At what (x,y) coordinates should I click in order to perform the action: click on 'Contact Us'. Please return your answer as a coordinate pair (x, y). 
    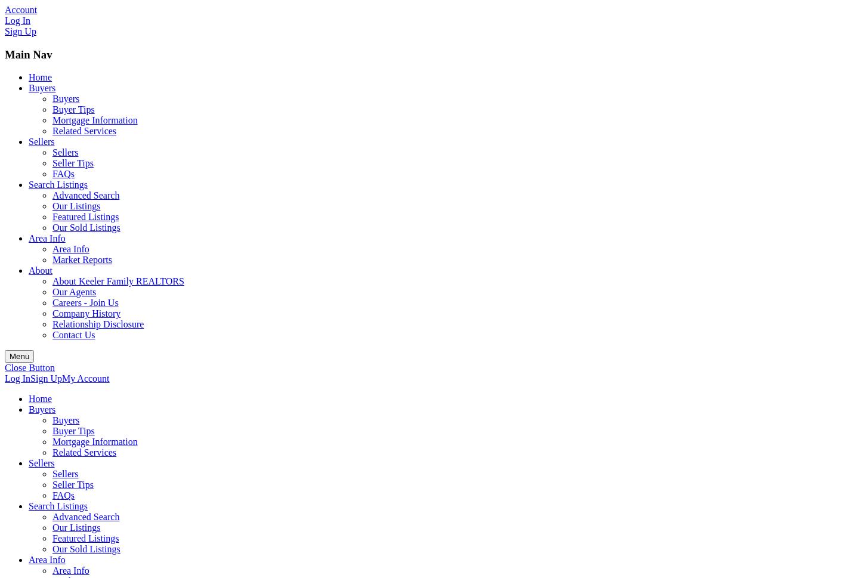
    Looking at the image, I should click on (52, 335).